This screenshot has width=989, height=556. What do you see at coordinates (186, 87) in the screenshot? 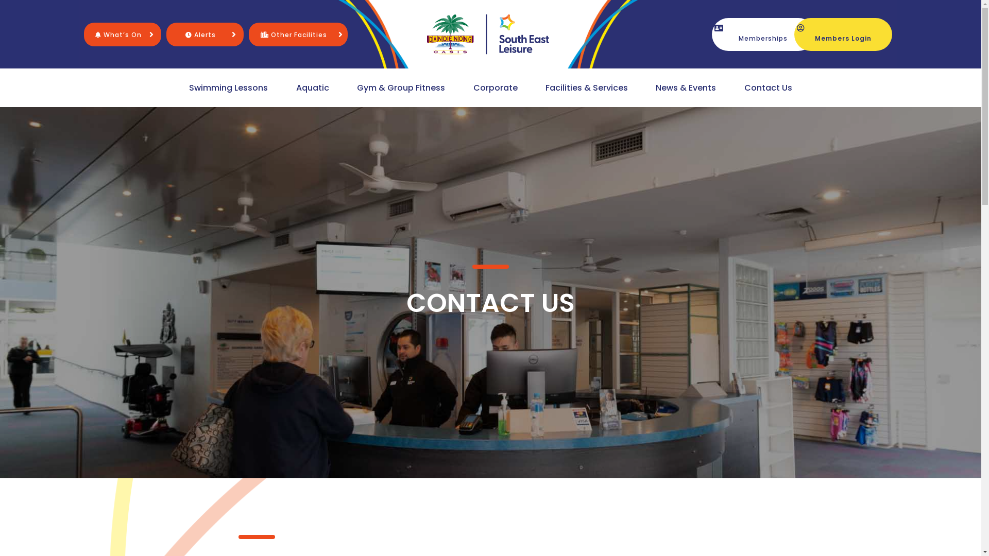
I see `'Swimming Lessons'` at bounding box center [186, 87].